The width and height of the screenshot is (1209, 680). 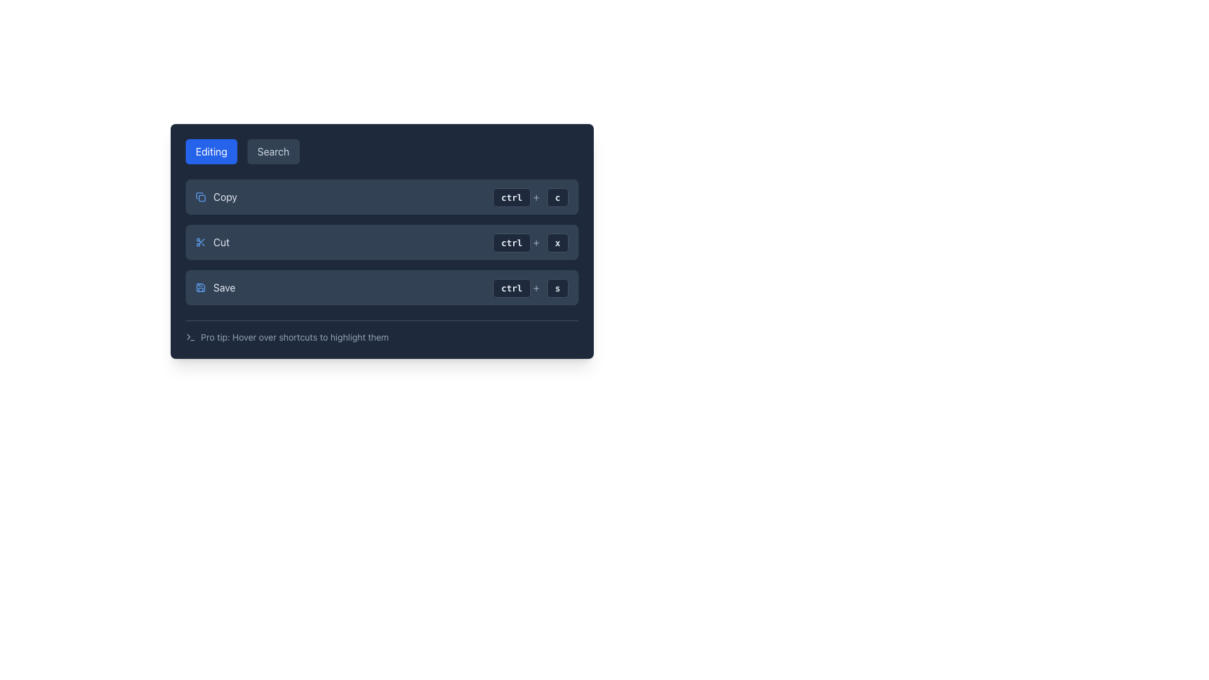 What do you see at coordinates (212, 242) in the screenshot?
I see `the 'Cut' button, which is the second button in a vertically stacked list of options, positioned between 'Copy' and 'Save'` at bounding box center [212, 242].